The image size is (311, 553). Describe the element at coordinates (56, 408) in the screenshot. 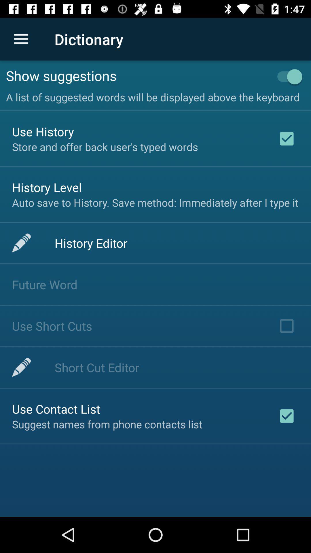

I see `icon at the bottom left corner` at that location.